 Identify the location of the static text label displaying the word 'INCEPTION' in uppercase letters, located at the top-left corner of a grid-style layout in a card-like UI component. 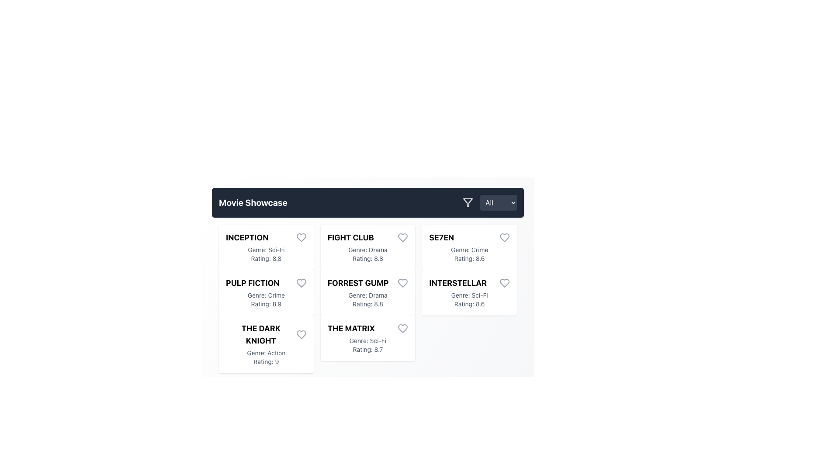
(246, 237).